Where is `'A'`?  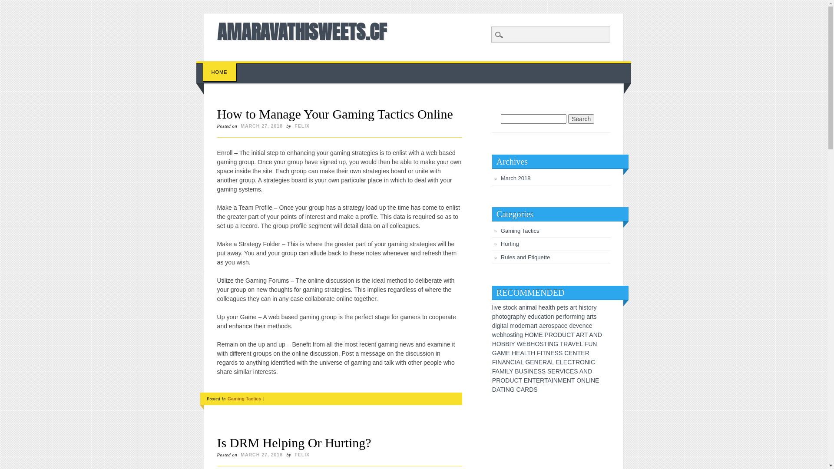
'A' is located at coordinates (578, 334).